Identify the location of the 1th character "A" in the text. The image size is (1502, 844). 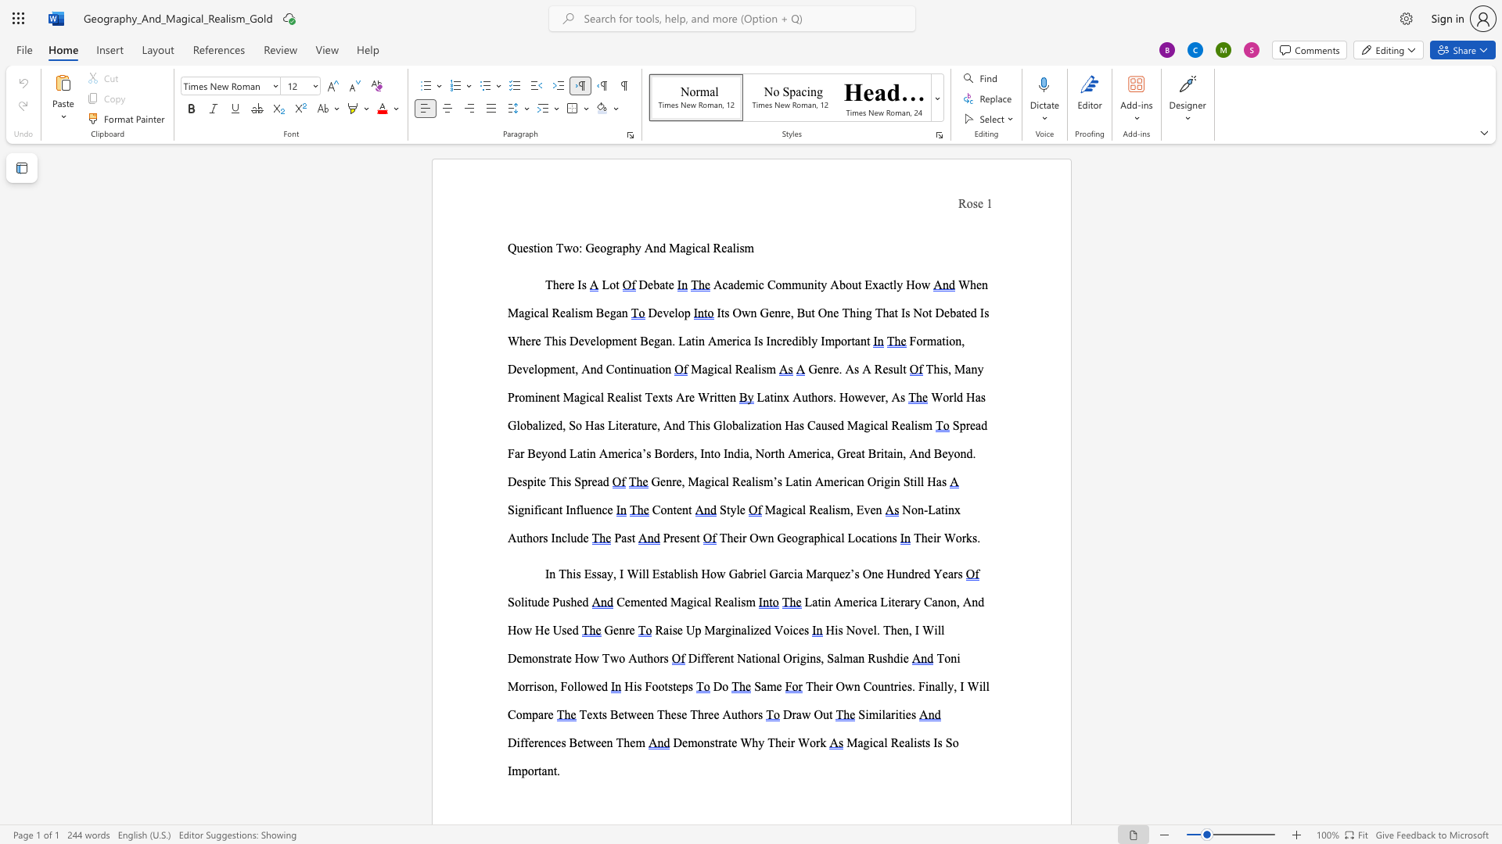
(717, 284).